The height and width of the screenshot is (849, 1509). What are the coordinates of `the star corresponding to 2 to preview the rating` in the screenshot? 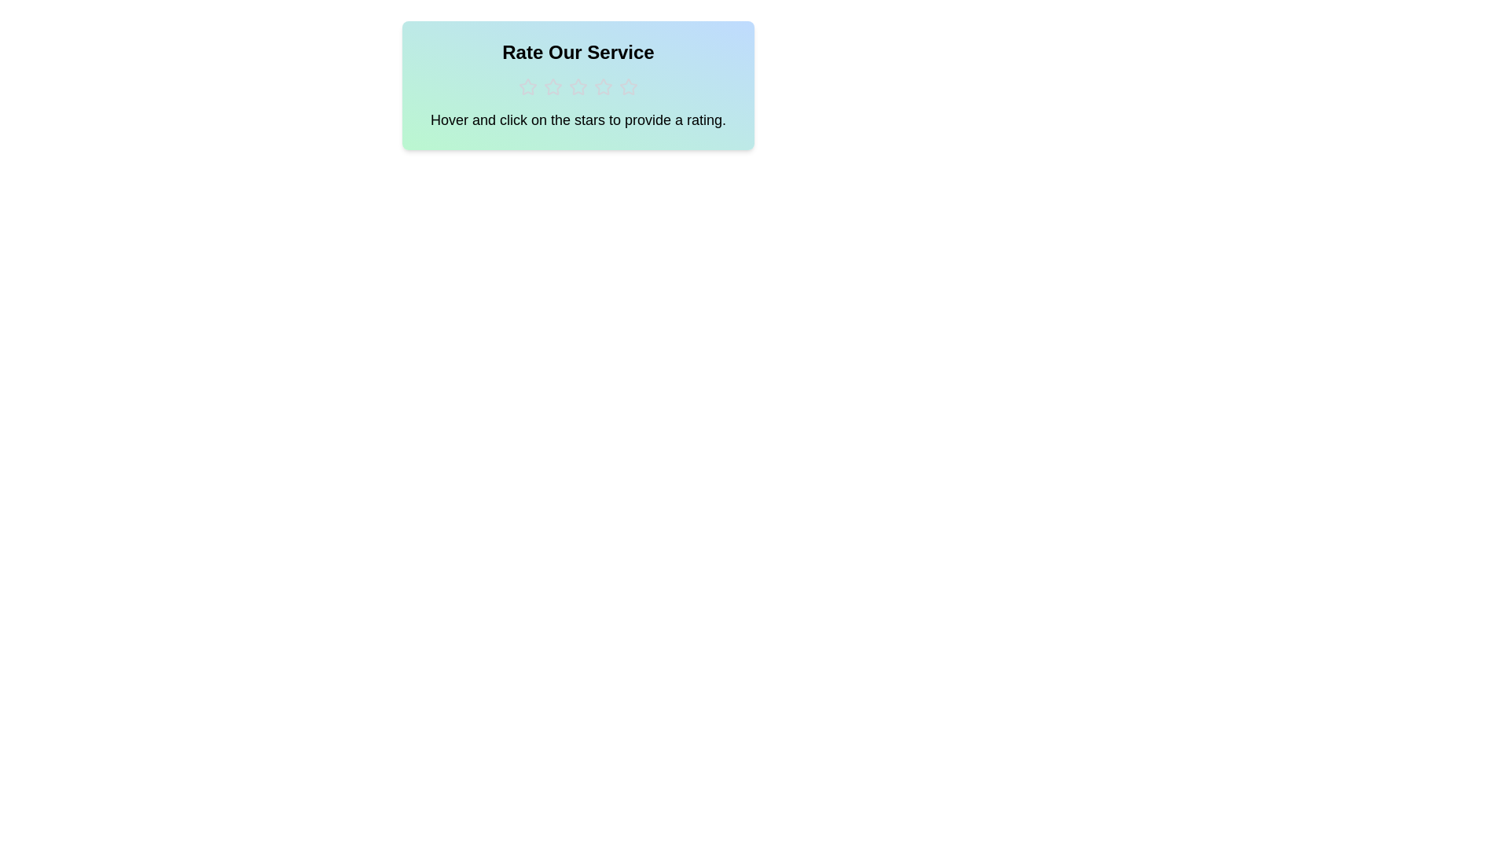 It's located at (553, 87).